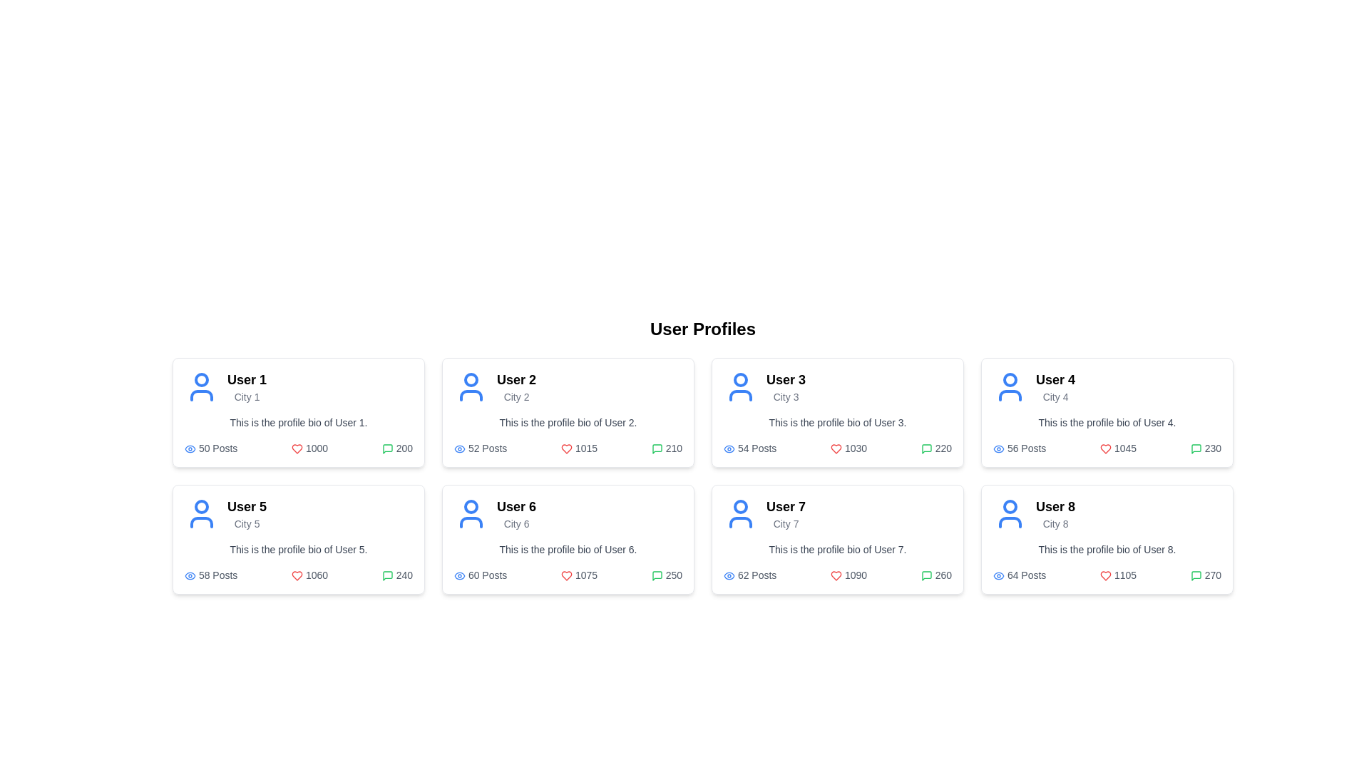  Describe the element at coordinates (1019, 574) in the screenshot. I see `text label displaying '64 Posts' which is located in the bottom-left corner of the card for 'User 8', adjacent to the blue eye icon` at that location.